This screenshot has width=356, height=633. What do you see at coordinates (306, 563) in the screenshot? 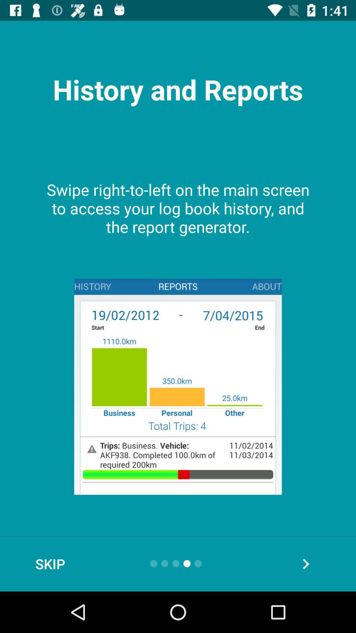
I see `next session` at bounding box center [306, 563].